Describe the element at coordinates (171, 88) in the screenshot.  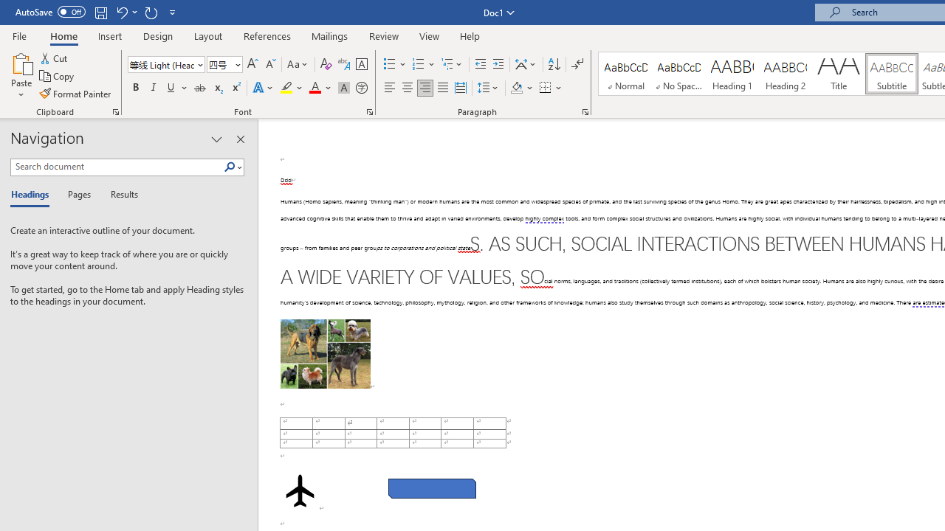
I see `'Underline'` at that location.